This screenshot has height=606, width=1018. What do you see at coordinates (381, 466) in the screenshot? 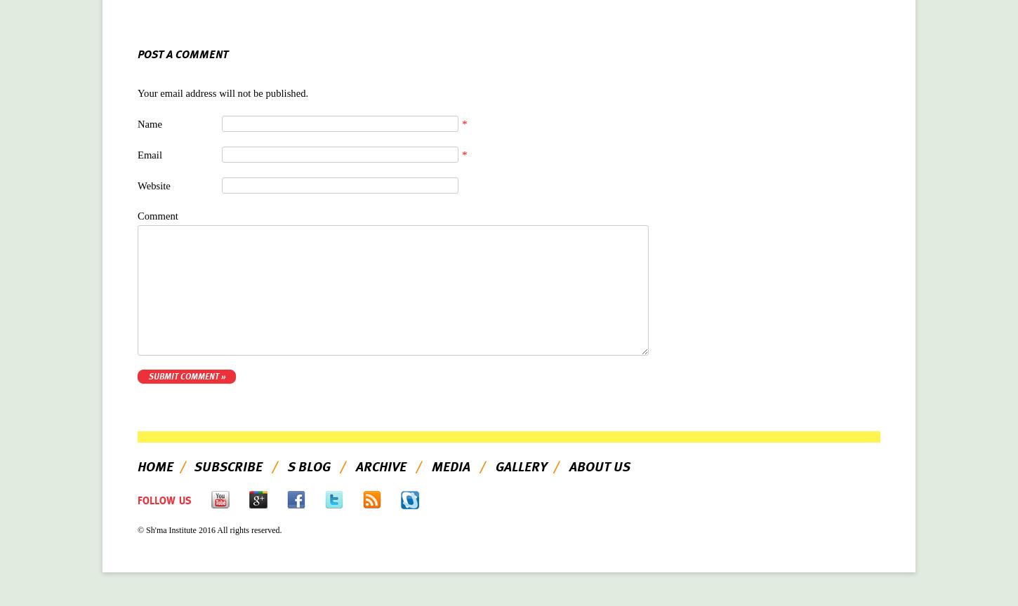
I see `'Archive'` at bounding box center [381, 466].